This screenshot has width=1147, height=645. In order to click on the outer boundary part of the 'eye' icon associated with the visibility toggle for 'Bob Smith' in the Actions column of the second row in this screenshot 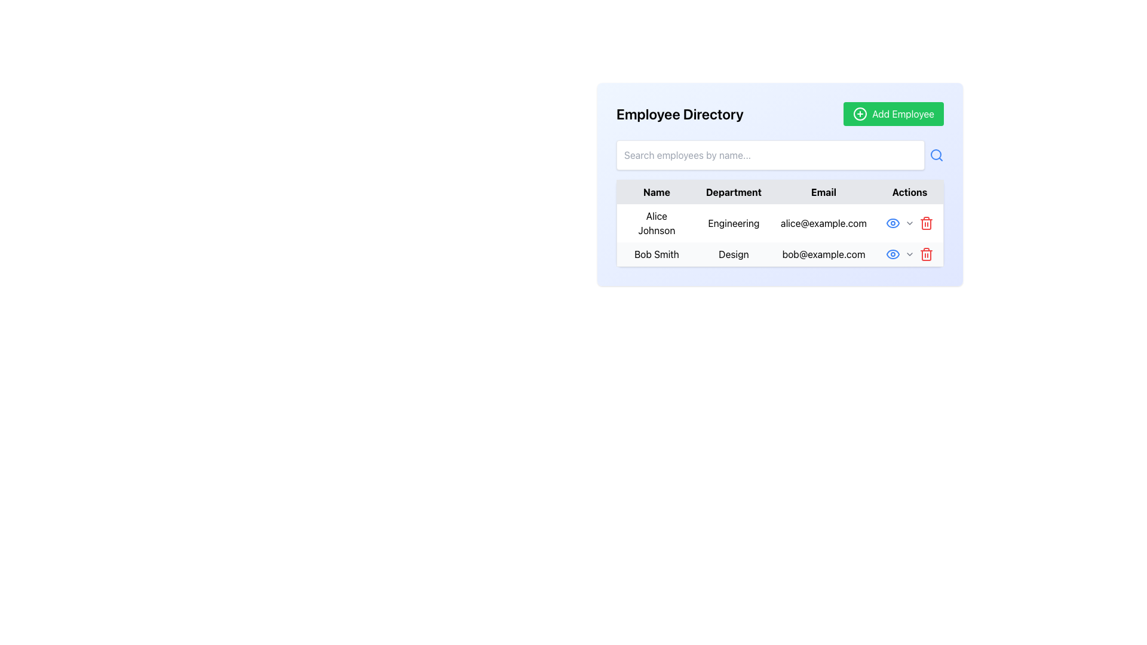, I will do `click(893, 223)`.